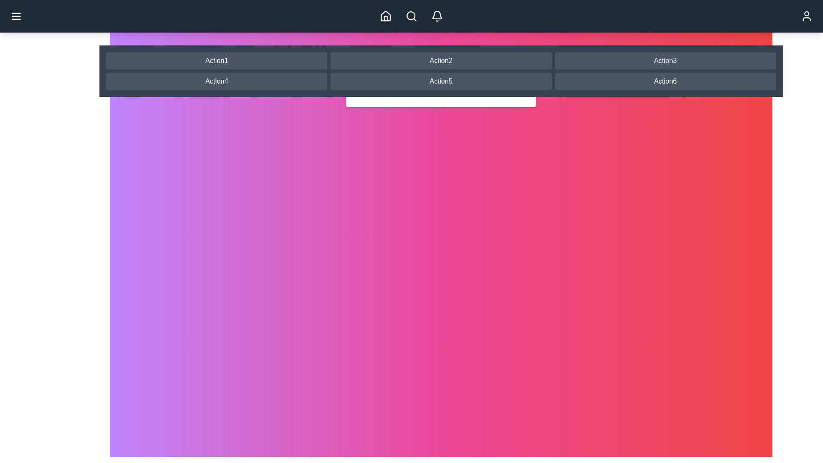 The width and height of the screenshot is (823, 463). Describe the element at coordinates (441, 81) in the screenshot. I see `the action button labeled Action5` at that location.